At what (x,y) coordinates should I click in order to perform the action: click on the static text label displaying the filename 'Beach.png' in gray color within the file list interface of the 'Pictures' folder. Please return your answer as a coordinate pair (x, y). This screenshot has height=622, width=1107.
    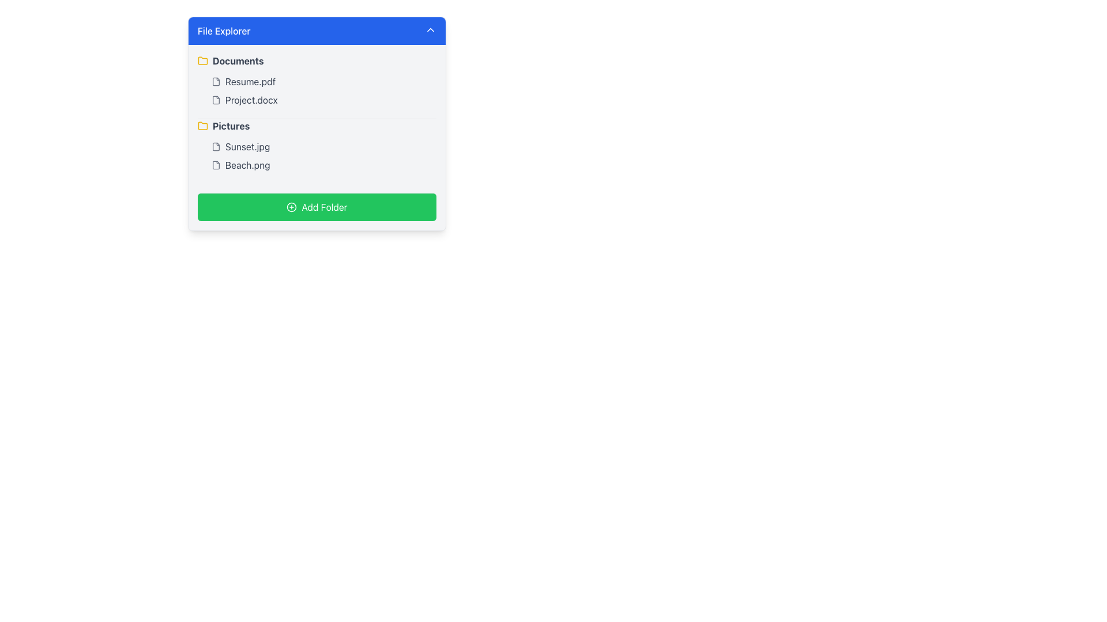
    Looking at the image, I should click on (247, 165).